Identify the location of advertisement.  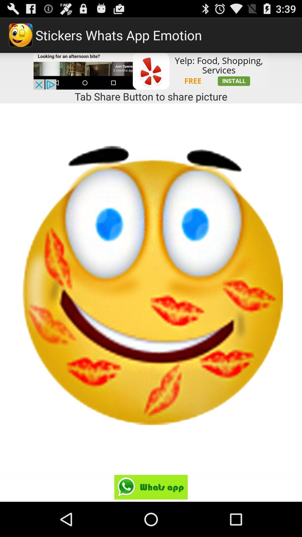
(151, 71).